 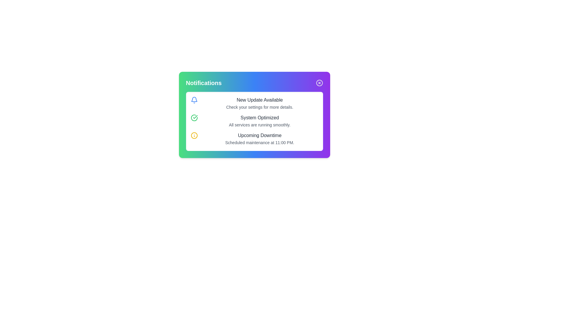 I want to click on the 'Upcoming Downtime' text-based informational component with an associated yellow circular icon, located in the notification panel, so click(x=254, y=139).